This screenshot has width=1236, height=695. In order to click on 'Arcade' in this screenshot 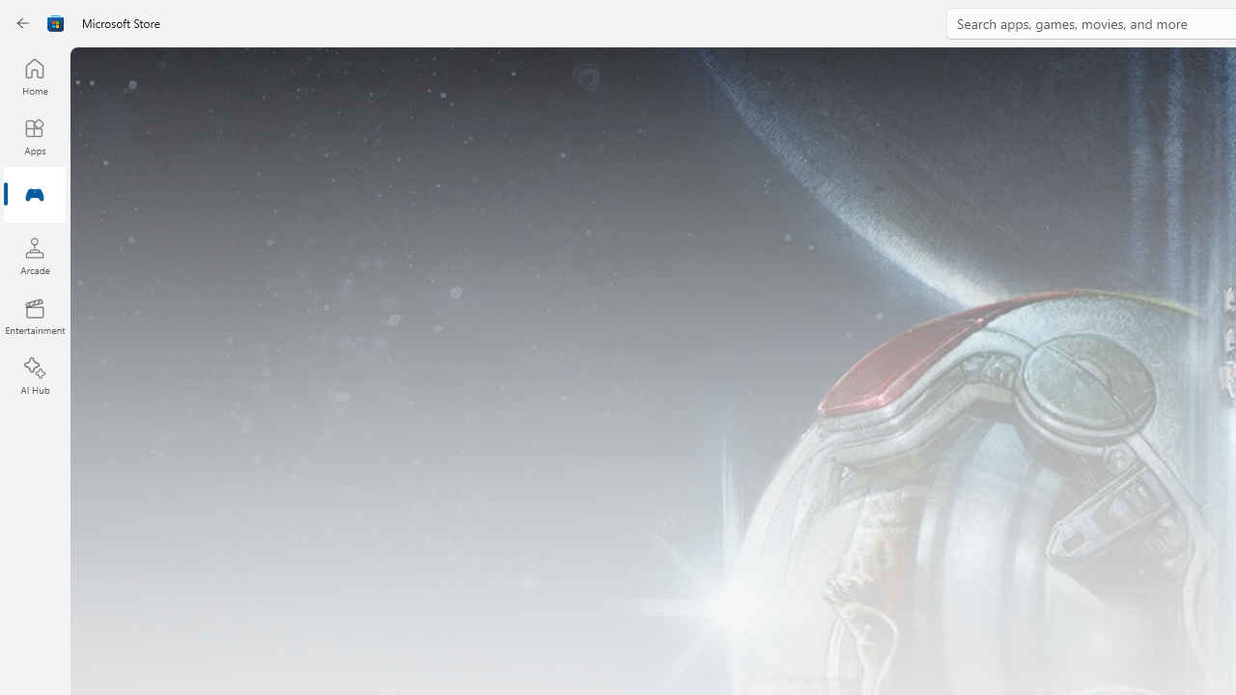, I will do `click(34, 255)`.